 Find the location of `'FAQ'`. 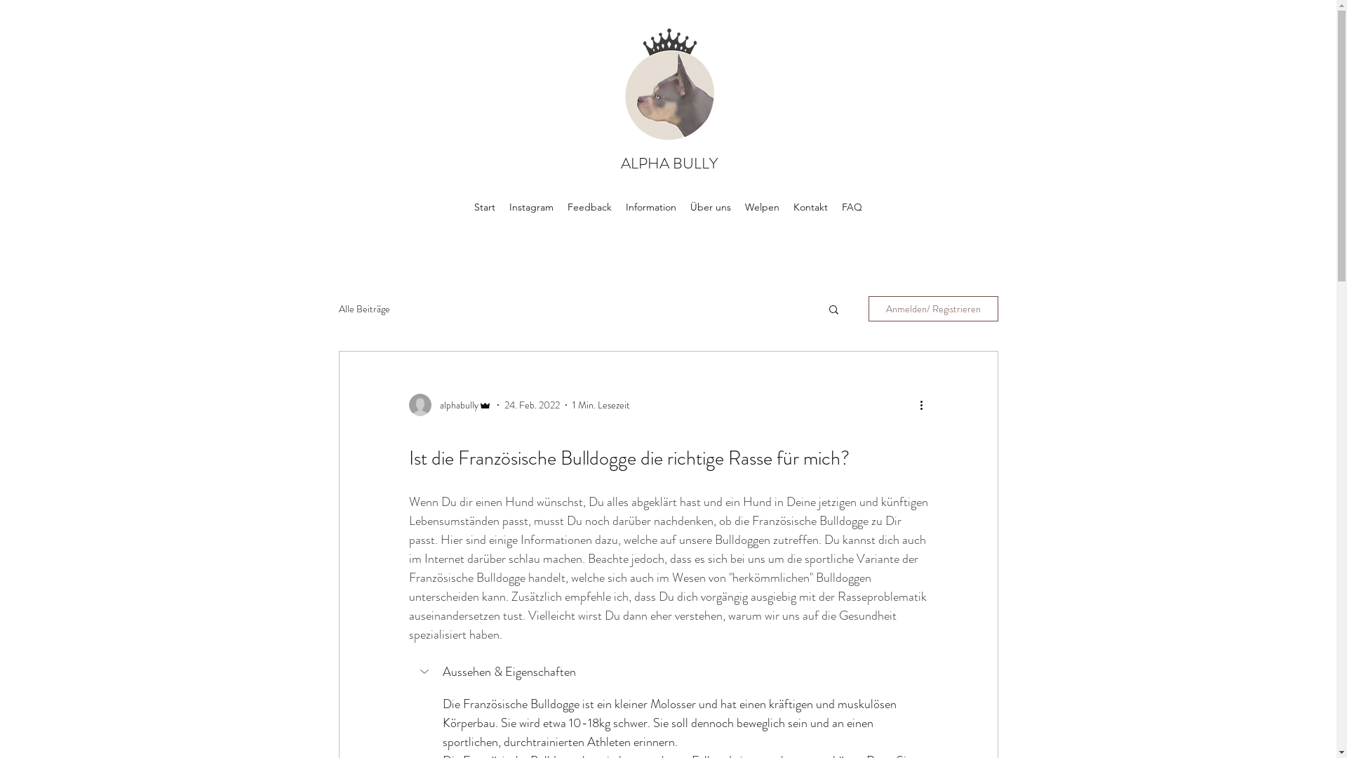

'FAQ' is located at coordinates (851, 206).